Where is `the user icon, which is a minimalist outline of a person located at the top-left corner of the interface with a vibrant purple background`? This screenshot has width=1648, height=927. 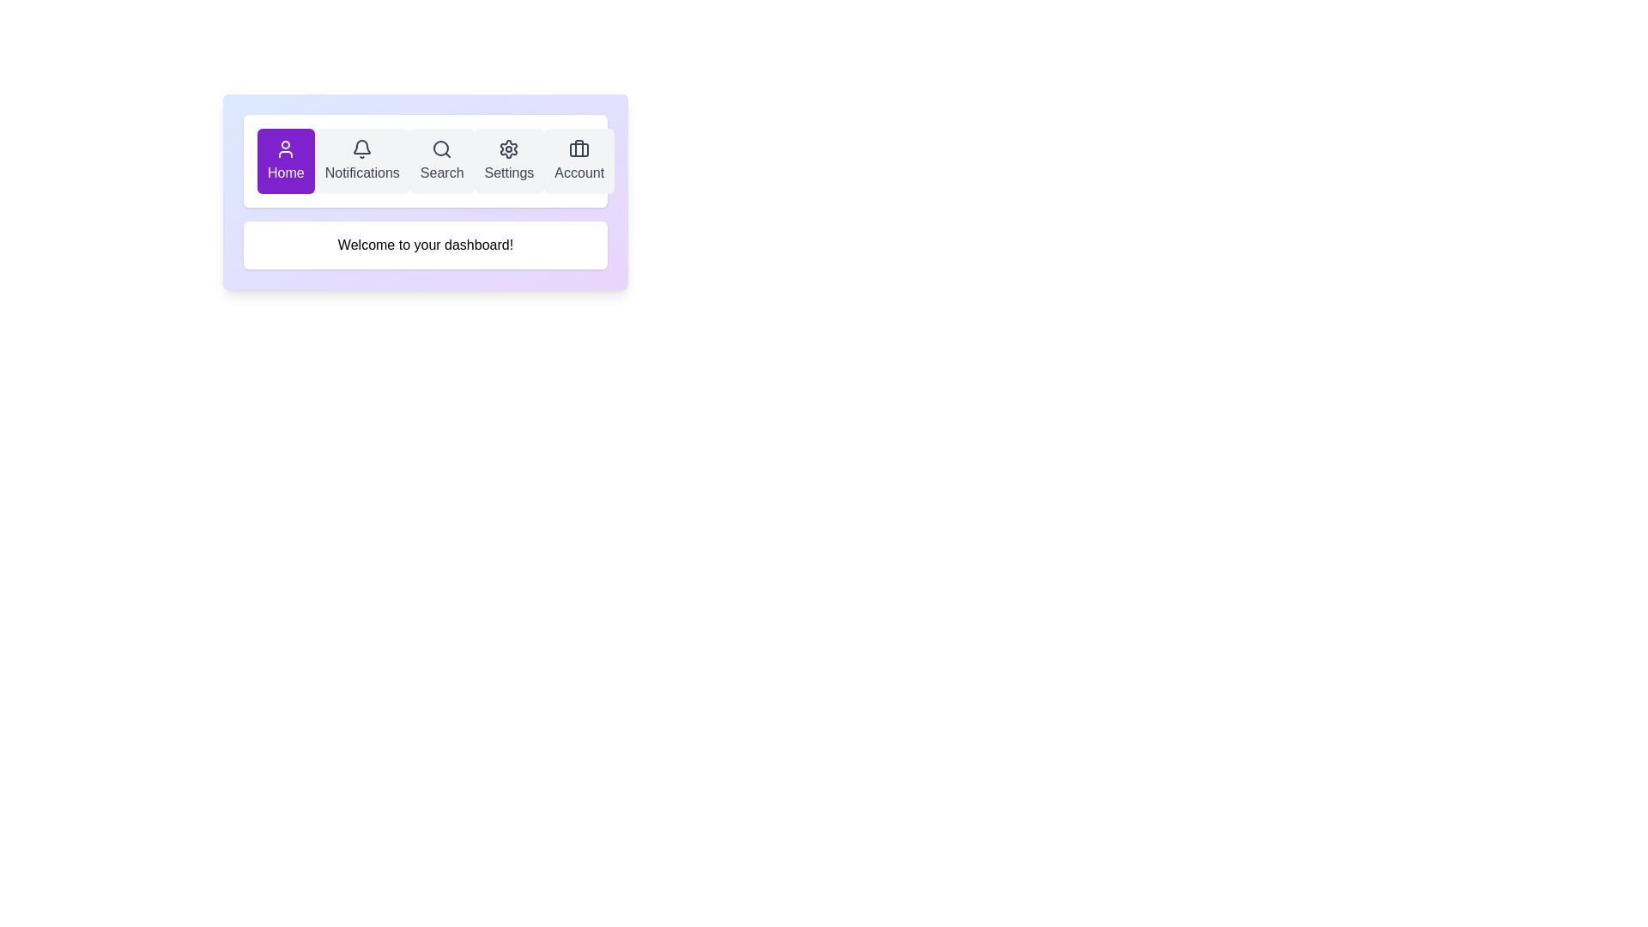 the user icon, which is a minimalist outline of a person located at the top-left corner of the interface with a vibrant purple background is located at coordinates (286, 148).